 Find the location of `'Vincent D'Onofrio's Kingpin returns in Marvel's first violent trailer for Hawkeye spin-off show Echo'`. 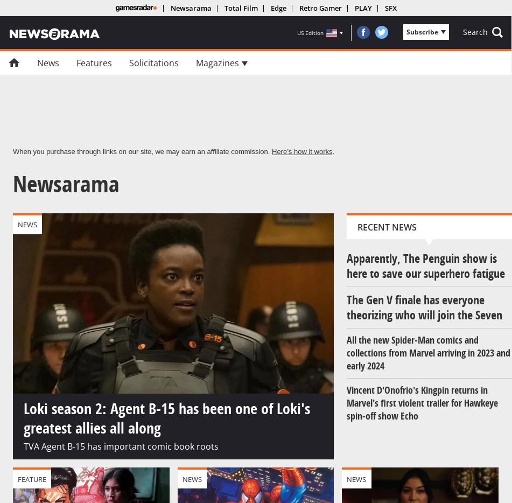

'Vincent D'Onofrio's Kingpin returns in Marvel's first violent trailer for Hawkeye spin-off show Echo' is located at coordinates (421, 402).